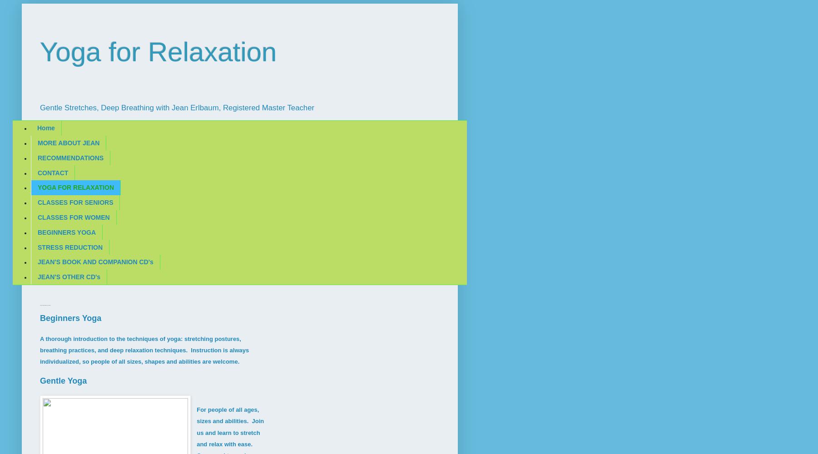 Image resolution: width=818 pixels, height=454 pixels. Describe the element at coordinates (74, 217) in the screenshot. I see `'CLASSES FOR WOMEN'` at that location.